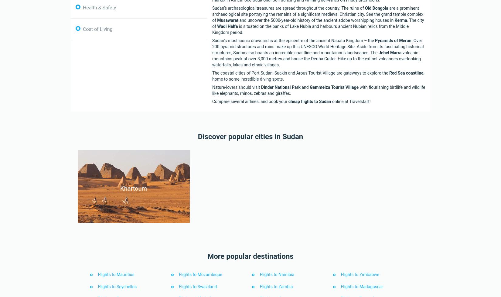  What do you see at coordinates (293, 40) in the screenshot?
I see `'Sudan’s most iconic drawcard is at the epicentre of the ancient Napata Kingdom – the'` at bounding box center [293, 40].